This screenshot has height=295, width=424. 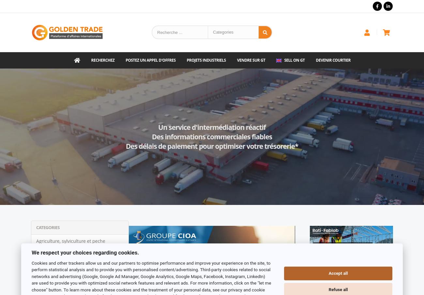 I want to click on 'Vendre sur GT', so click(x=250, y=60).